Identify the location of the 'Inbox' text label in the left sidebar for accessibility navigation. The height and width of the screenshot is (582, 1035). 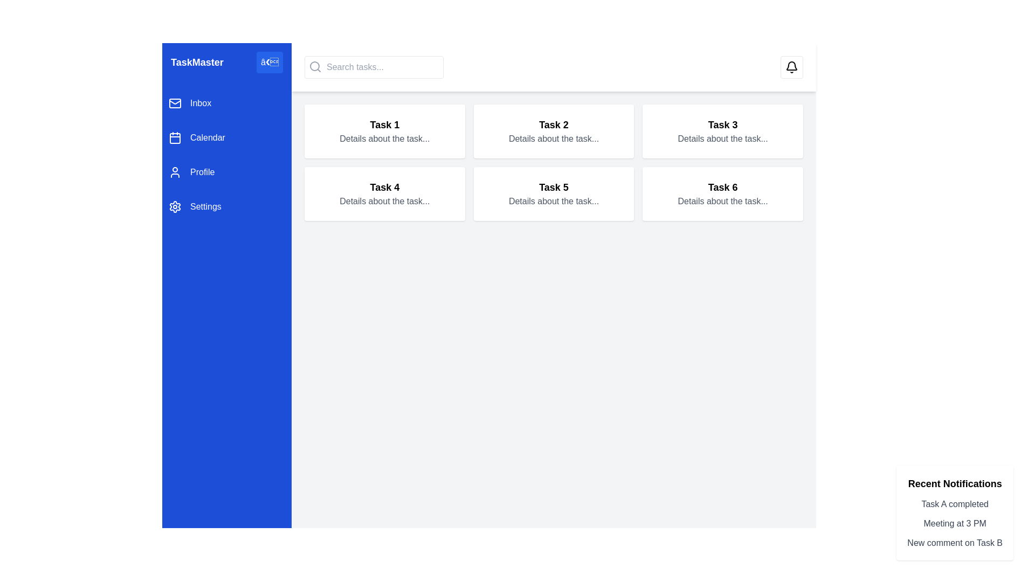
(201, 103).